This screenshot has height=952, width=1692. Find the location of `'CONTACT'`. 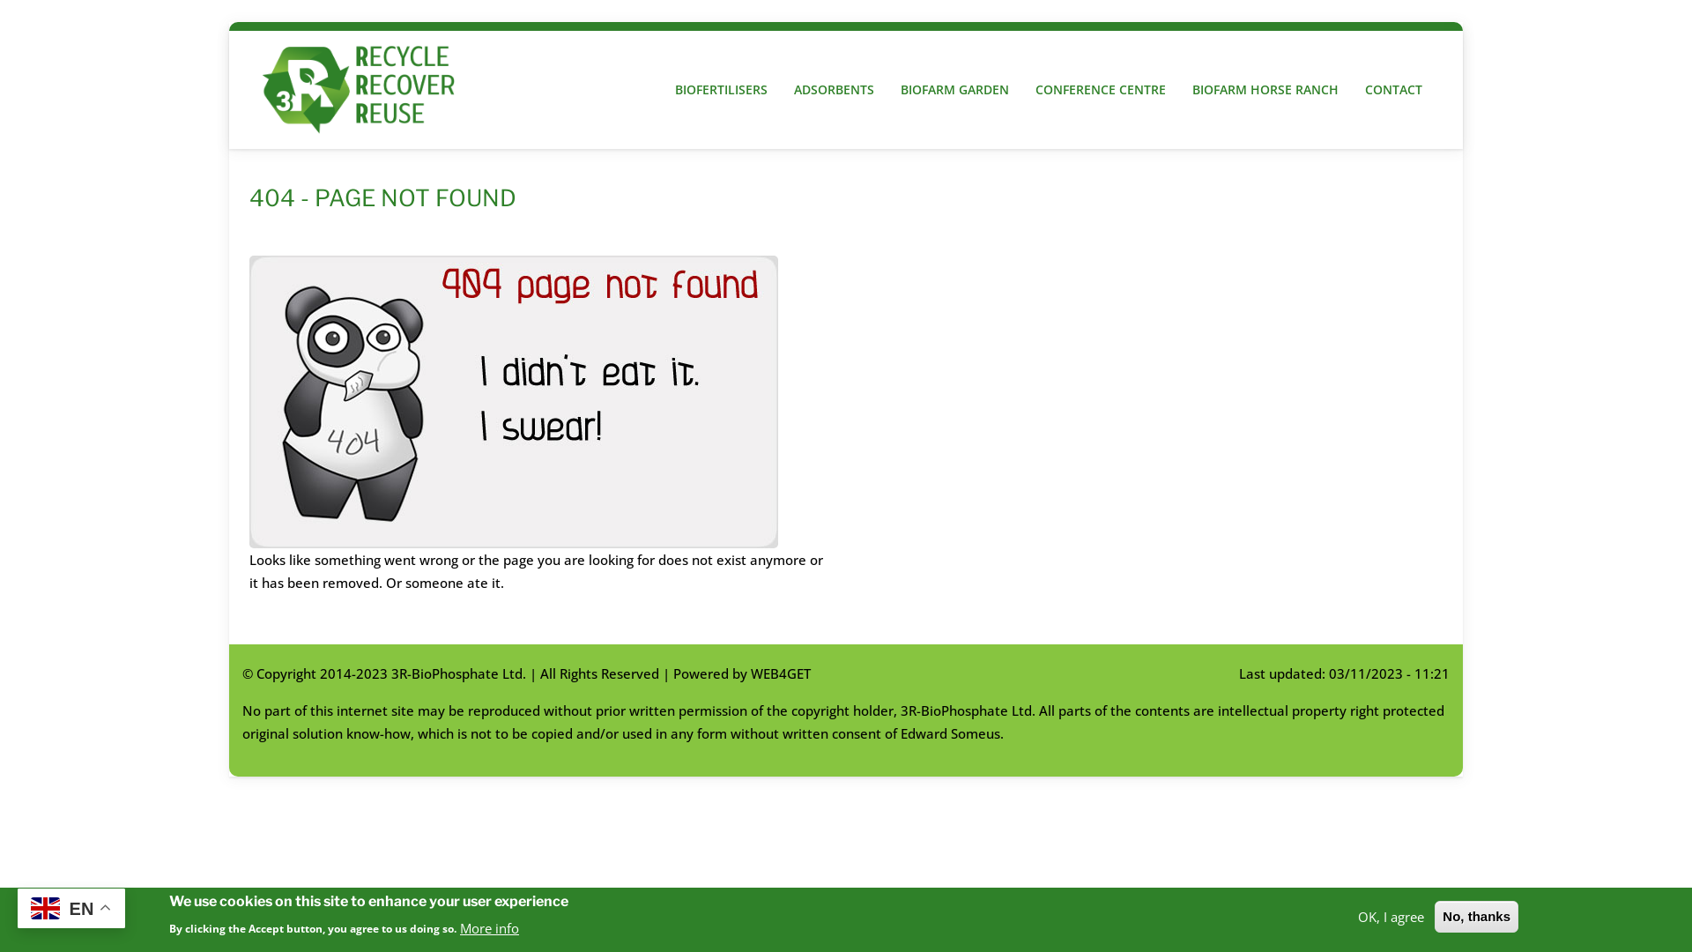

'CONTACT' is located at coordinates (1392, 90).